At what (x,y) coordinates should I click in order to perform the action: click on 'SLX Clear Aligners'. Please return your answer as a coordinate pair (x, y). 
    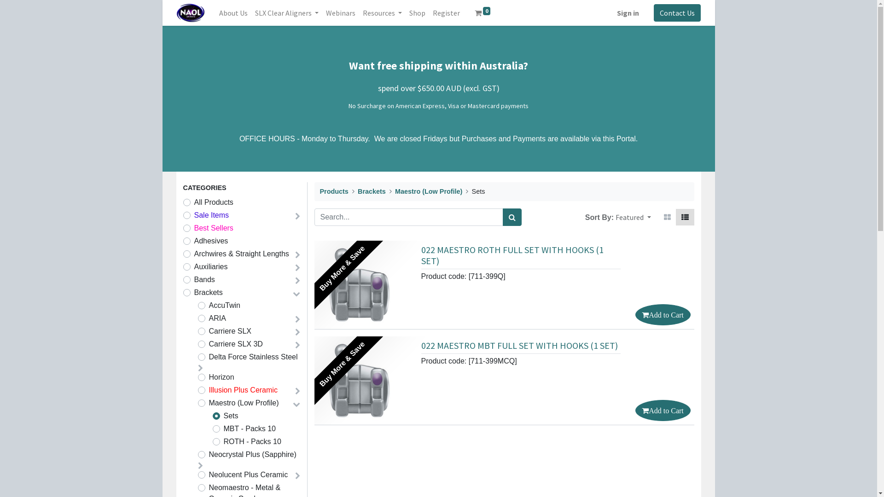
    Looking at the image, I should click on (286, 12).